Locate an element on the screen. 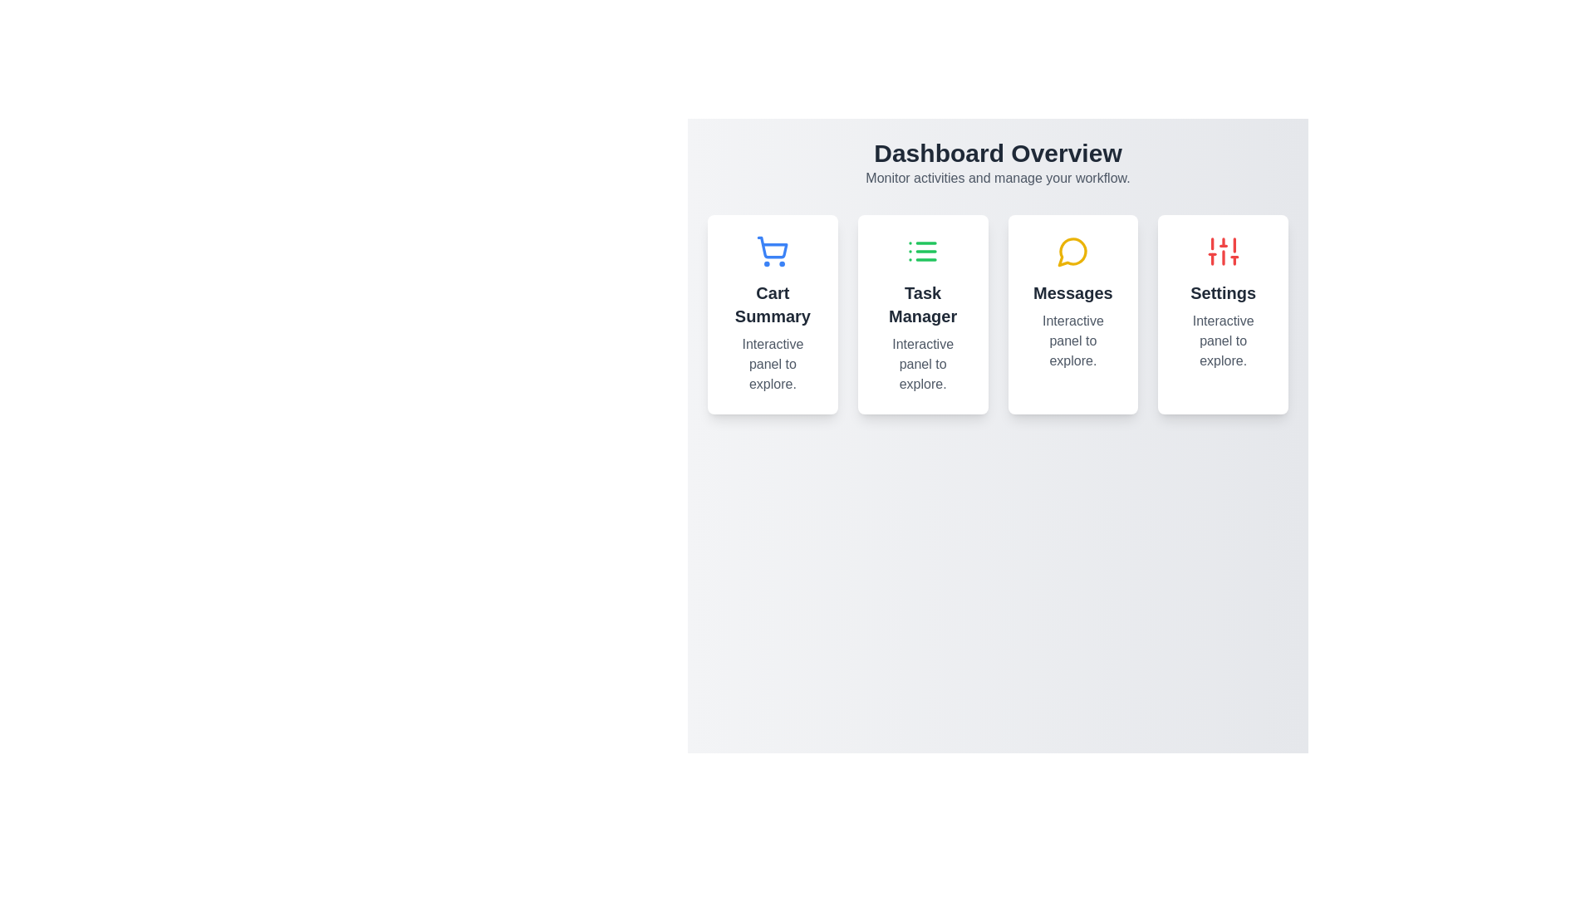  the settings icon located in the fourth card from the left under the 'Dashboard Overview' heading is located at coordinates (1223, 252).